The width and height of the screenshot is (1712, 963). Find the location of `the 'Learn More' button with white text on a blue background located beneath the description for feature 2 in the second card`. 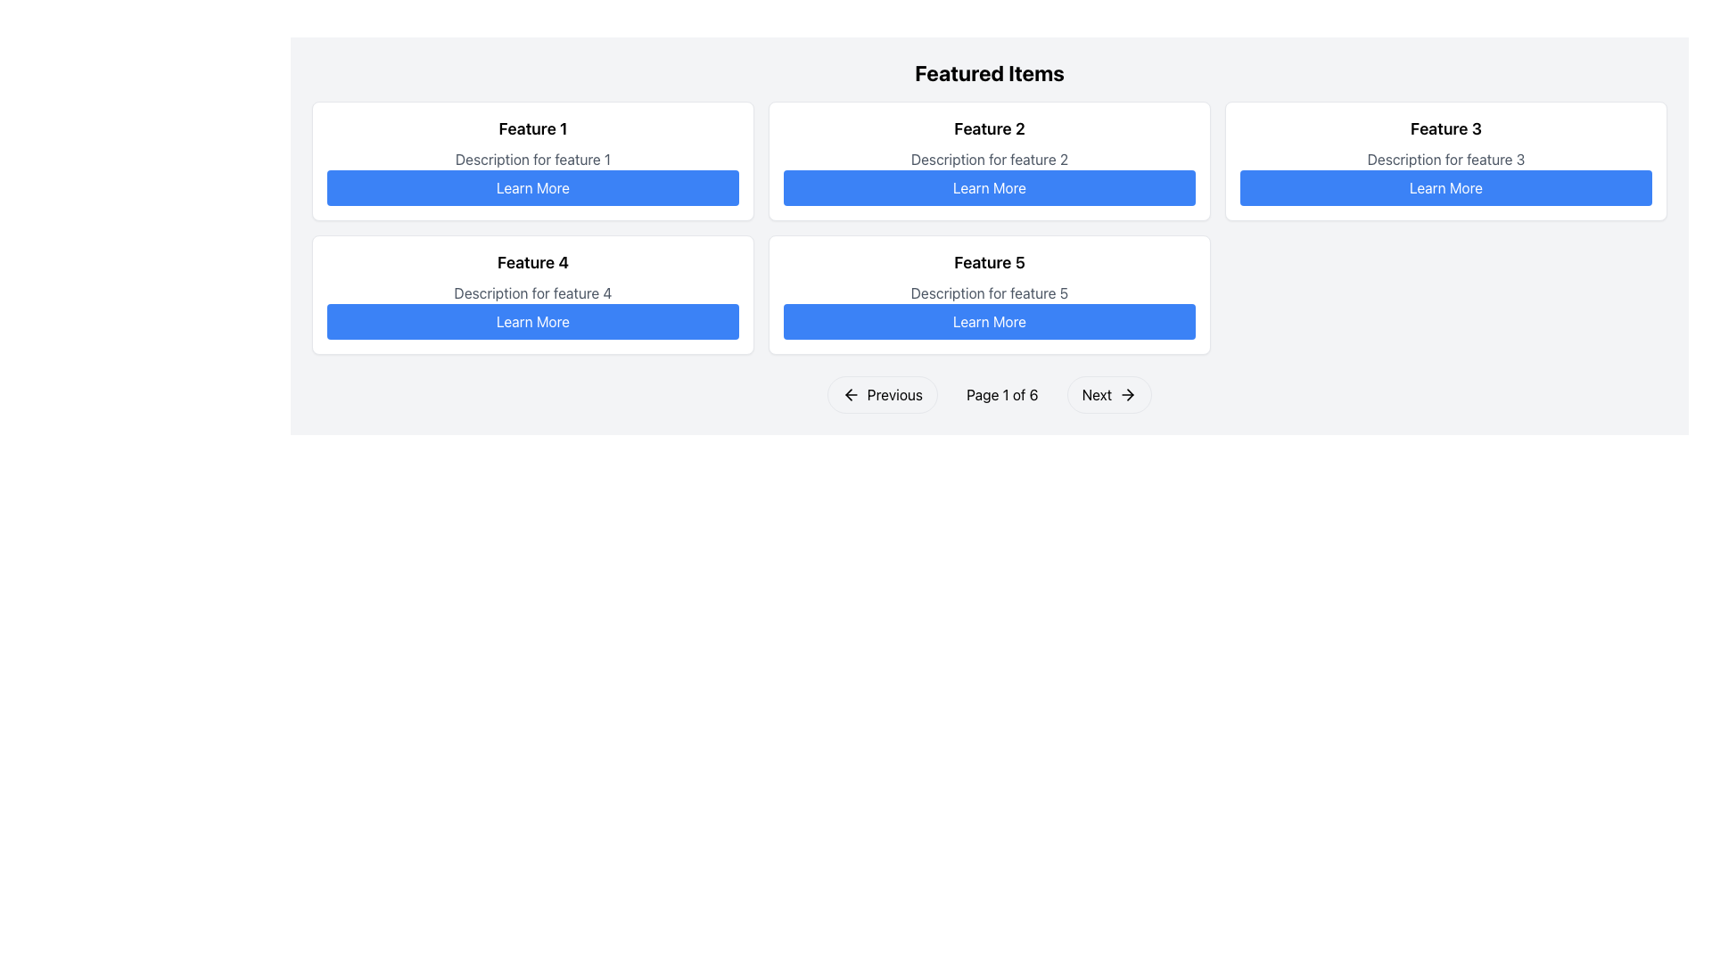

the 'Learn More' button with white text on a blue background located beneath the description for feature 2 in the second card is located at coordinates (988, 188).